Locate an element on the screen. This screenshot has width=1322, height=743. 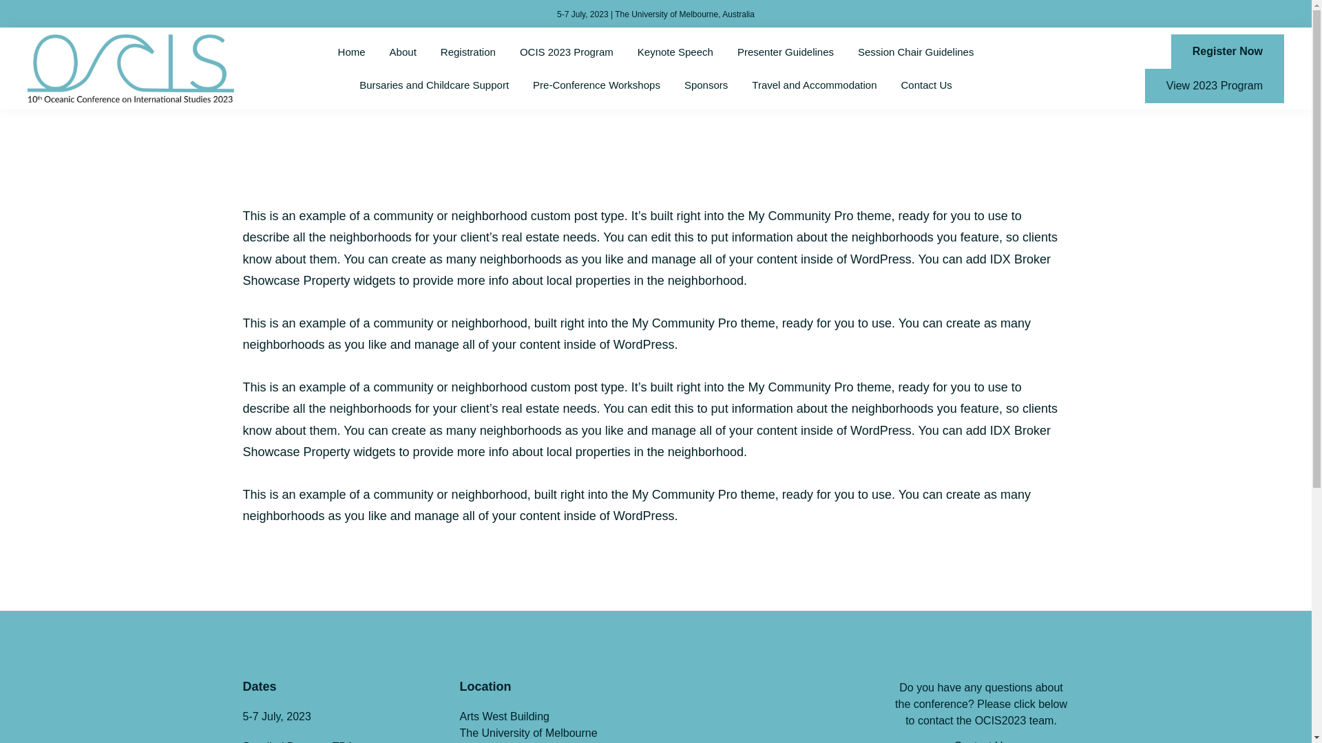
'Sponsors' is located at coordinates (706, 85).